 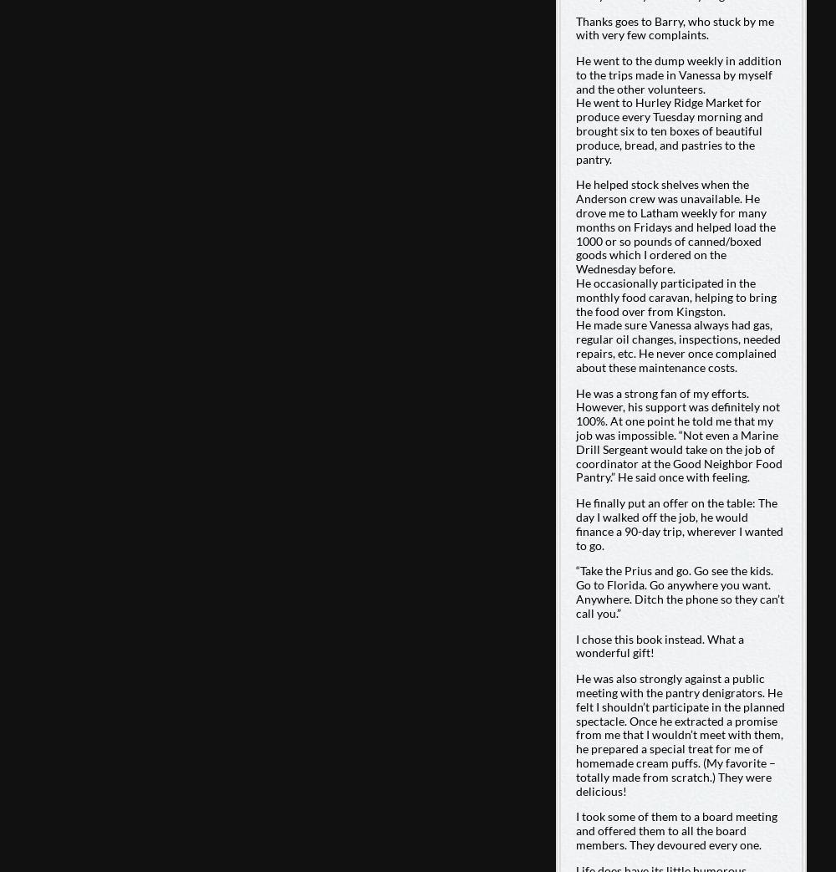 I want to click on '“Take the Prius and go. Go see the kids. Go to Florida. Go anywhere you want. Anywhere. Ditch the phone so they can’t call you.”', so click(x=679, y=591).